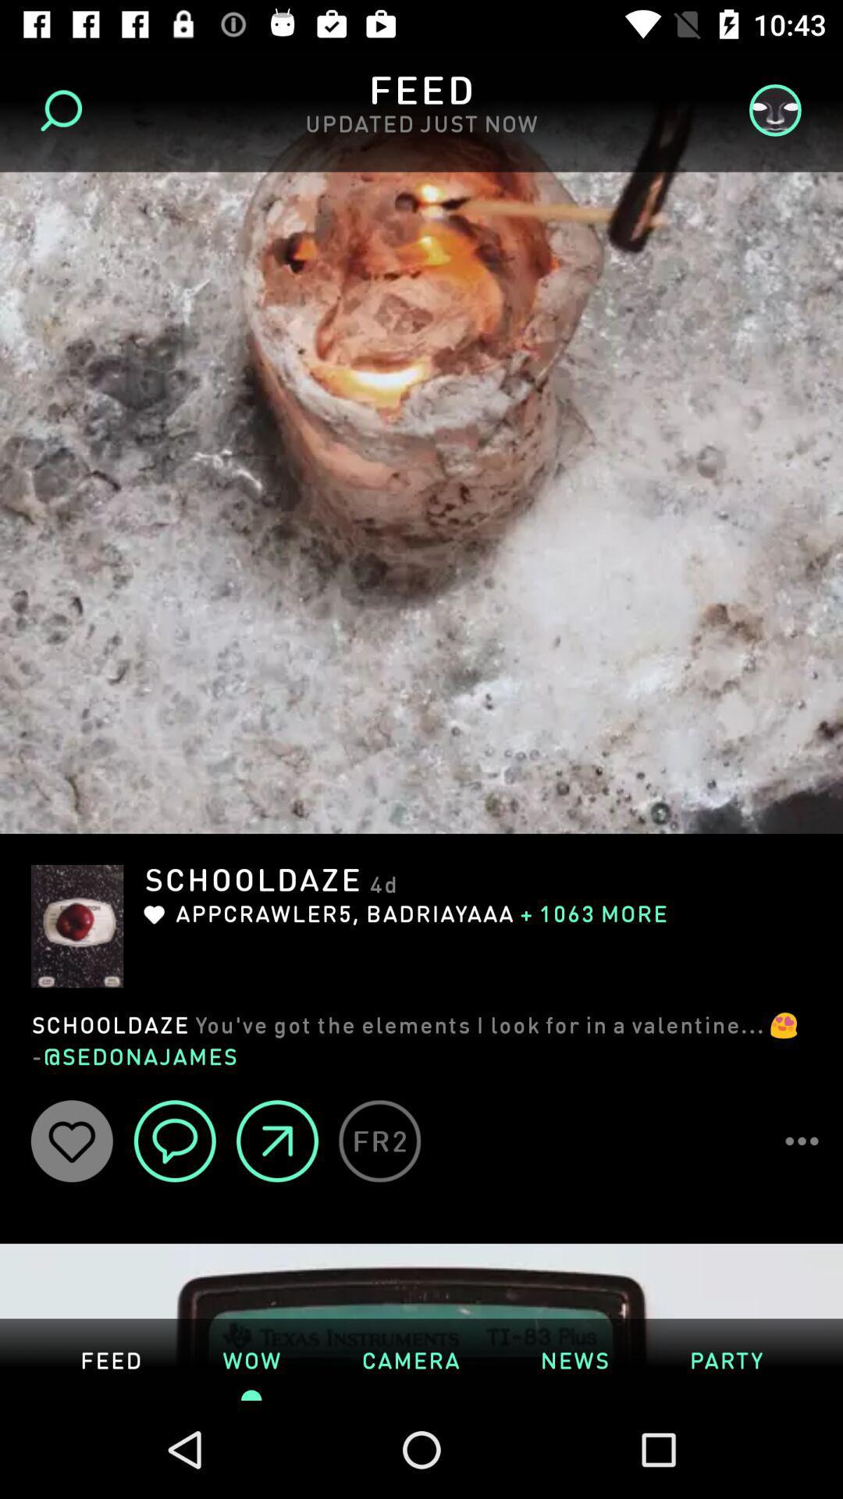 The image size is (843, 1499). What do you see at coordinates (72, 1141) in the screenshot?
I see `the heart icon` at bounding box center [72, 1141].